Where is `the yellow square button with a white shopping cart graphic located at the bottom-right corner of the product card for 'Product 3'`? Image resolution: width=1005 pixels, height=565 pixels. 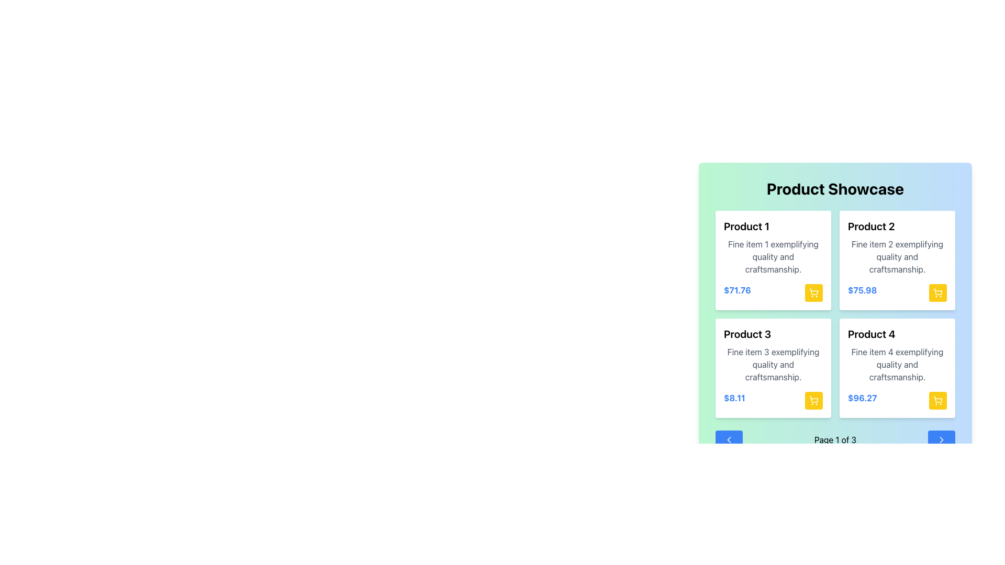
the yellow square button with a white shopping cart graphic located at the bottom-right corner of the product card for 'Product 3' is located at coordinates (813, 400).